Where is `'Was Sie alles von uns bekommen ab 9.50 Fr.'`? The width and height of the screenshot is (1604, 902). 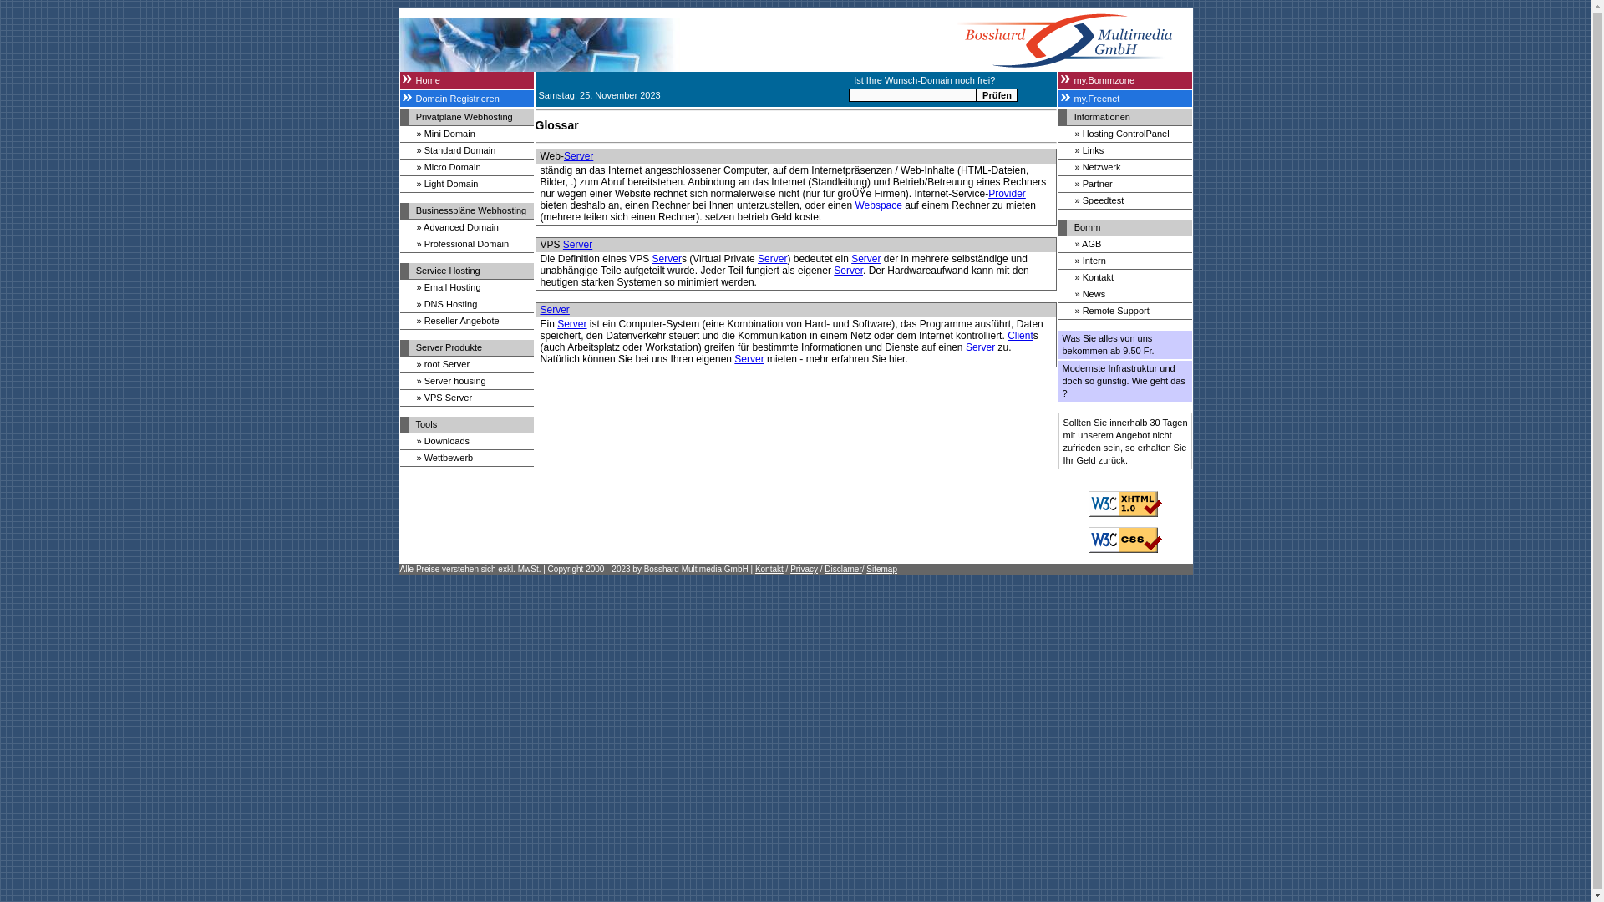
'Was Sie alles von uns bekommen ab 9.50 Fr.' is located at coordinates (1124, 343).